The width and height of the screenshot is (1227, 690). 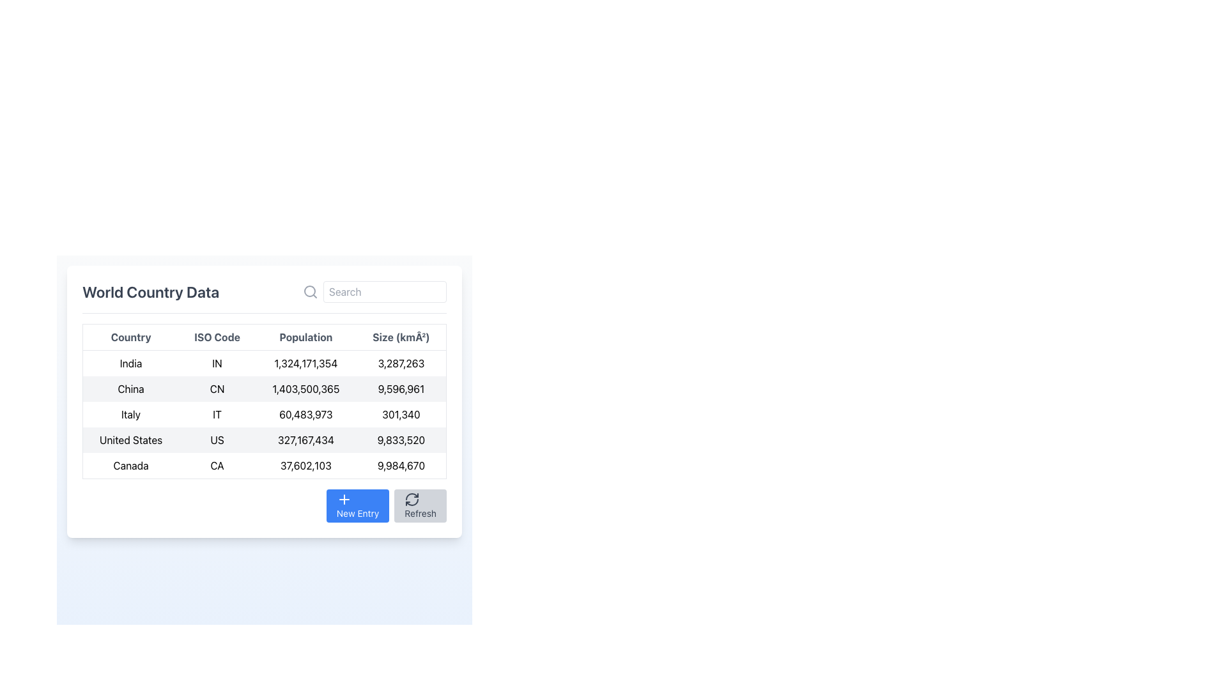 What do you see at coordinates (401, 337) in the screenshot?
I see `the 'Size (km²)' column header label in the table, which is the fourth column header located to the right of the 'Population' column` at bounding box center [401, 337].